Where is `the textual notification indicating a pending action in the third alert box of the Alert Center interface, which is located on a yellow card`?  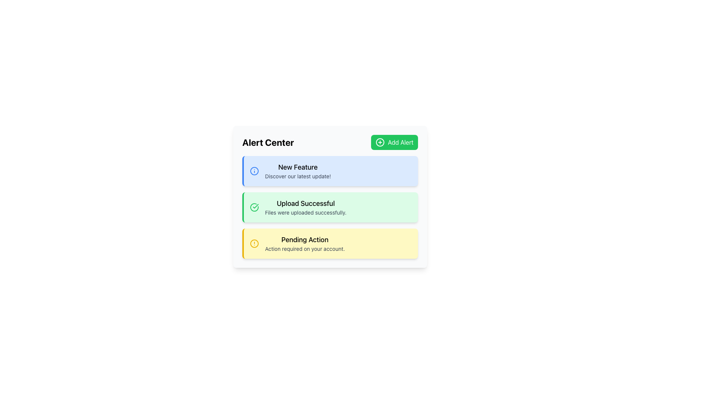 the textual notification indicating a pending action in the third alert box of the Alert Center interface, which is located on a yellow card is located at coordinates (305, 243).